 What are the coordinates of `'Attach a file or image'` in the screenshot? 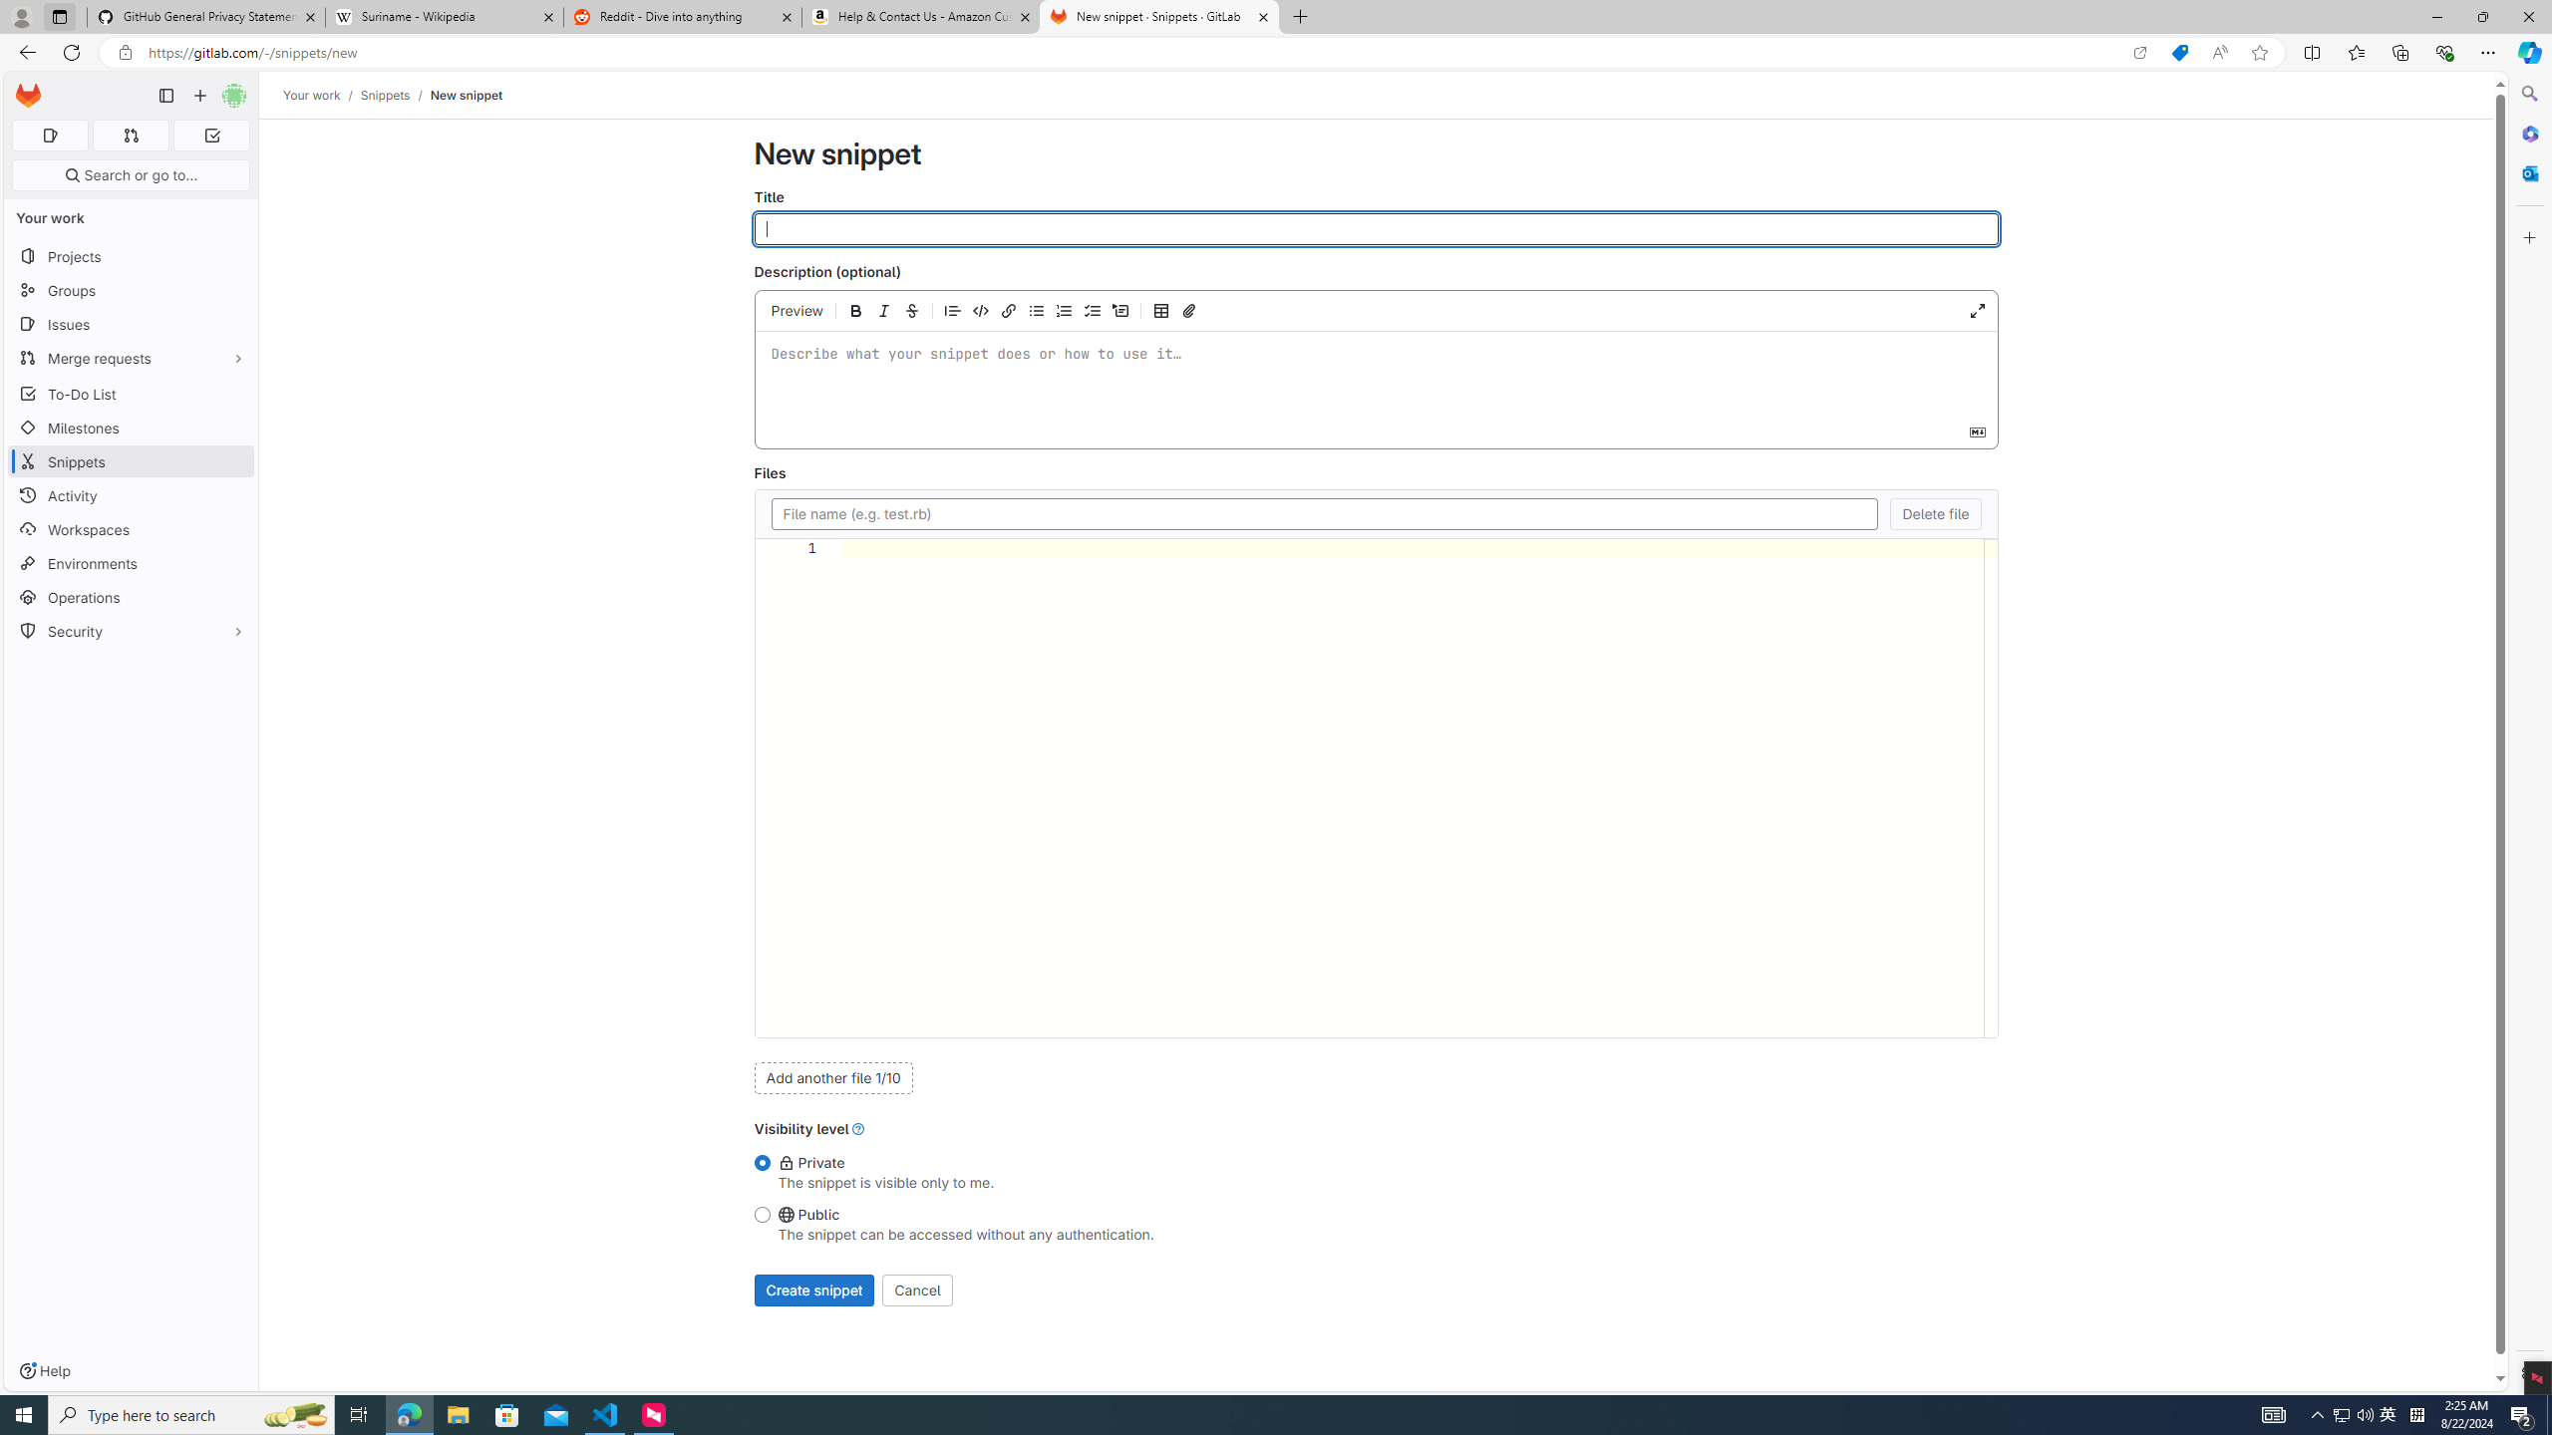 It's located at (1187, 309).